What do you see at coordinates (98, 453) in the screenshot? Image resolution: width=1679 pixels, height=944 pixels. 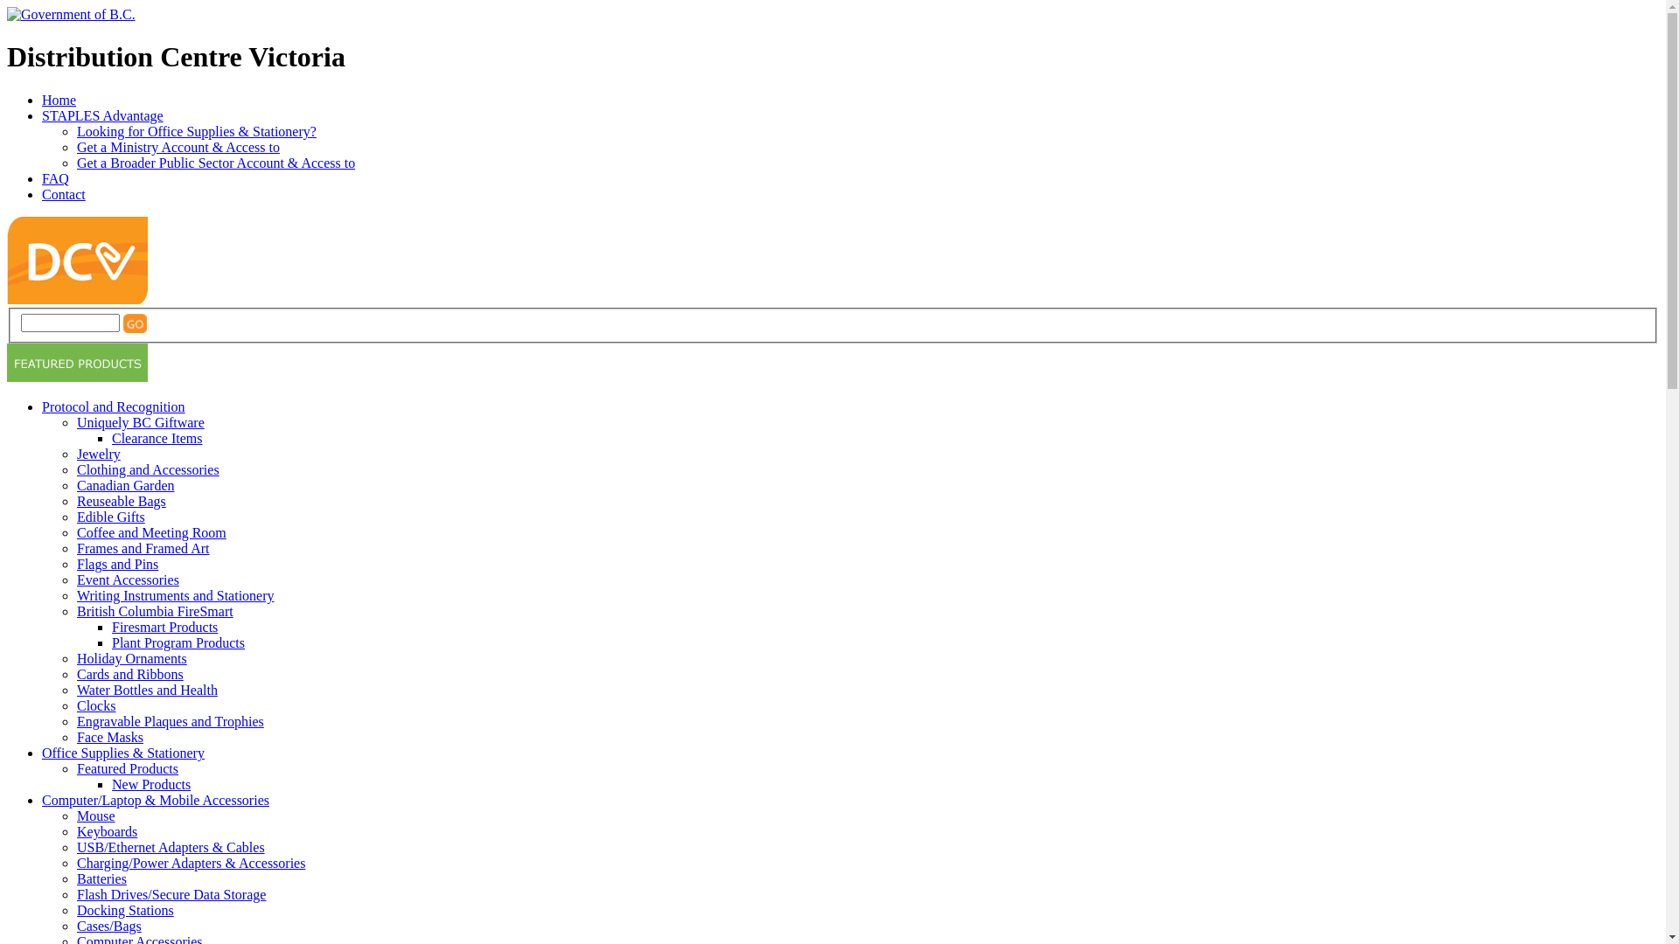 I see `'Jewelry'` at bounding box center [98, 453].